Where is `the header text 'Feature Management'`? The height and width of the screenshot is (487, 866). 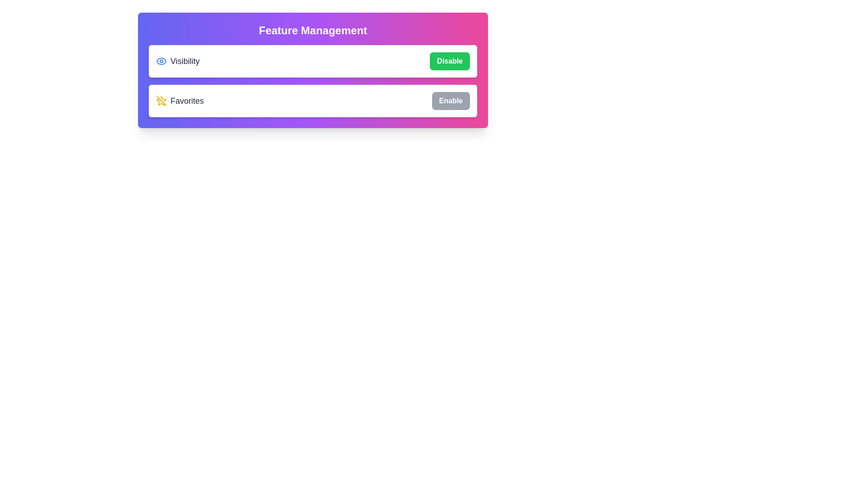 the header text 'Feature Management' is located at coordinates (313, 30).